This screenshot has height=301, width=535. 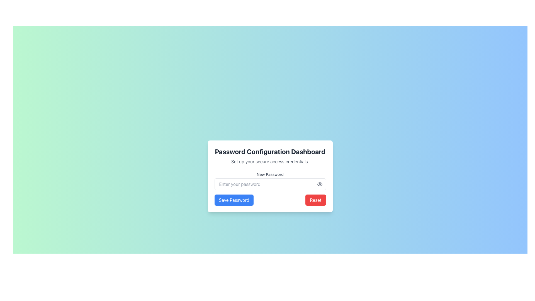 I want to click on the 'Reset' button with a red background and white text in the modal interface for accessibility navigation, so click(x=315, y=200).